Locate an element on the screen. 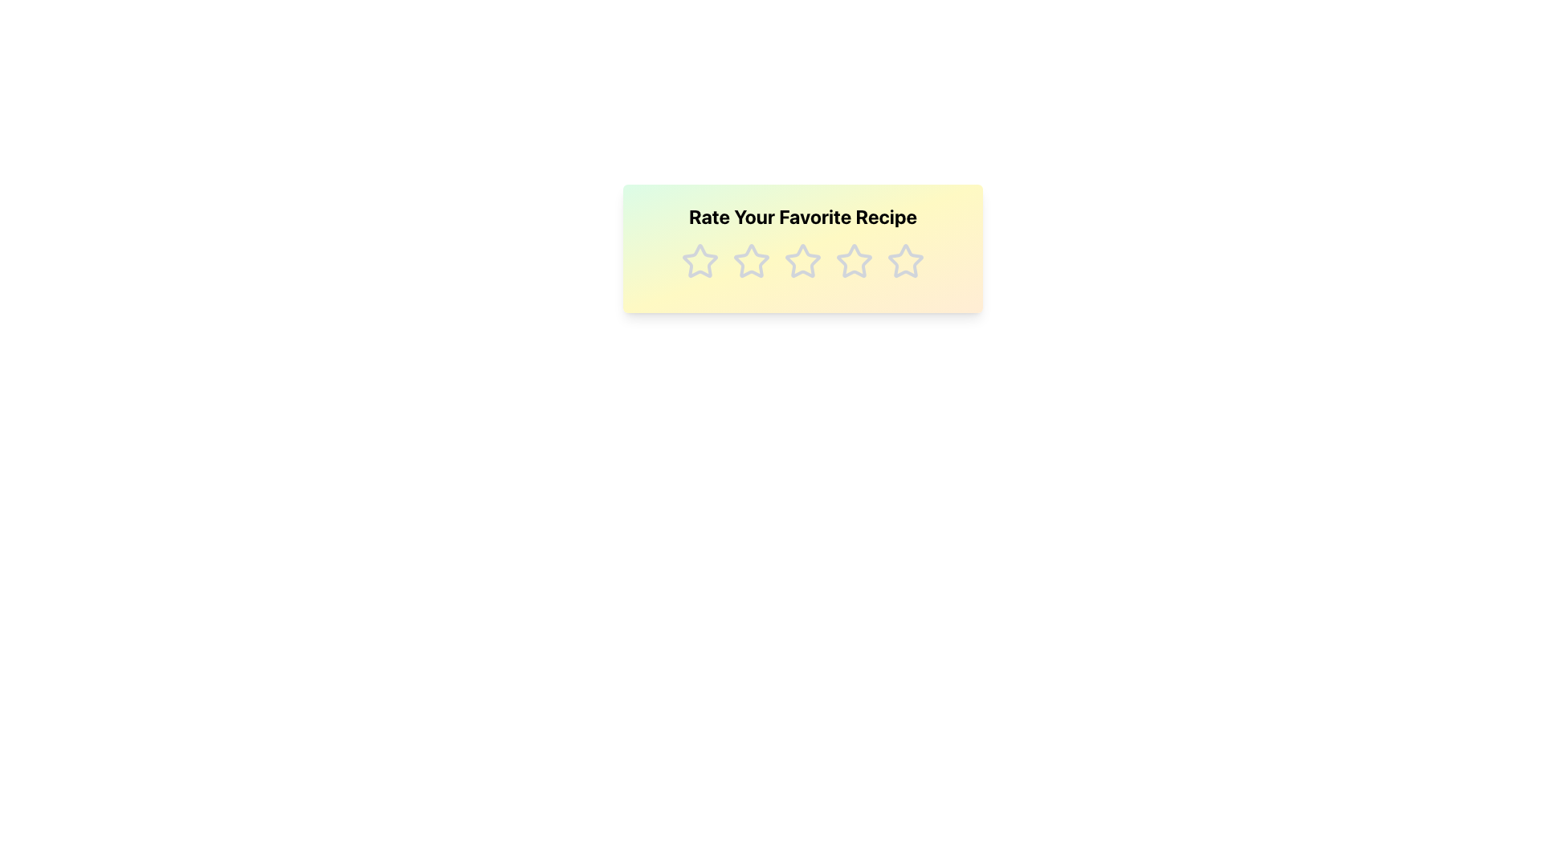 This screenshot has width=1542, height=867. the third star icon in the rating component below the title 'Rate Your Favorite Recipe' is located at coordinates (802, 259).